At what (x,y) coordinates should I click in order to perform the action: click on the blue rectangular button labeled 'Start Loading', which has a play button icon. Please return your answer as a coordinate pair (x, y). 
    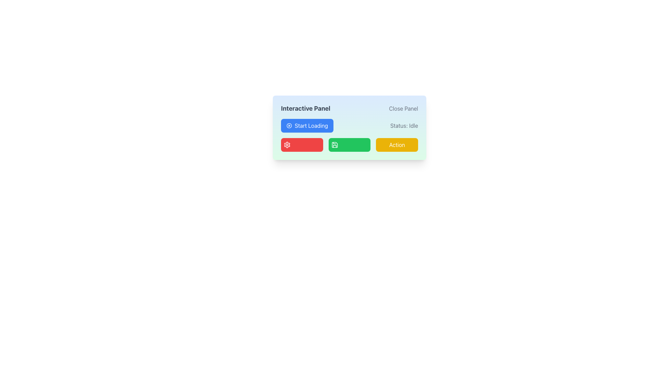
    Looking at the image, I should click on (307, 125).